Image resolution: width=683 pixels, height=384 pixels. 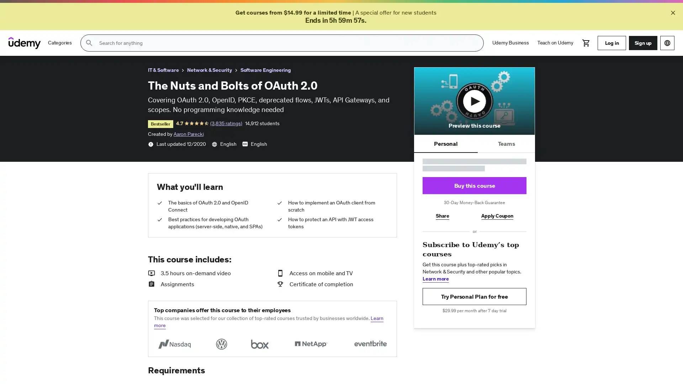 I want to click on Choose a language, so click(x=667, y=43).